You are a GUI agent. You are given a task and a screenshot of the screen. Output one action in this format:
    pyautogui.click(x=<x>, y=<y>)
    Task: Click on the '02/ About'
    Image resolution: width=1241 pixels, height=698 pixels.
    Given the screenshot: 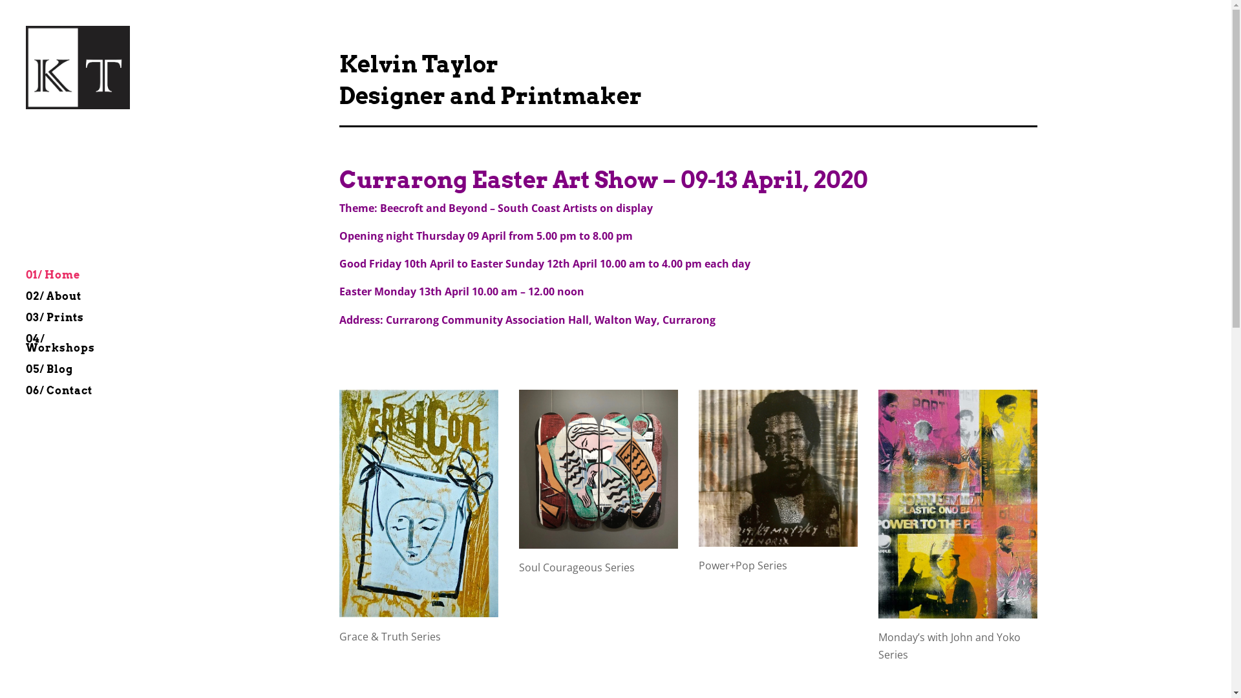 What is the action you would take?
    pyautogui.click(x=83, y=302)
    